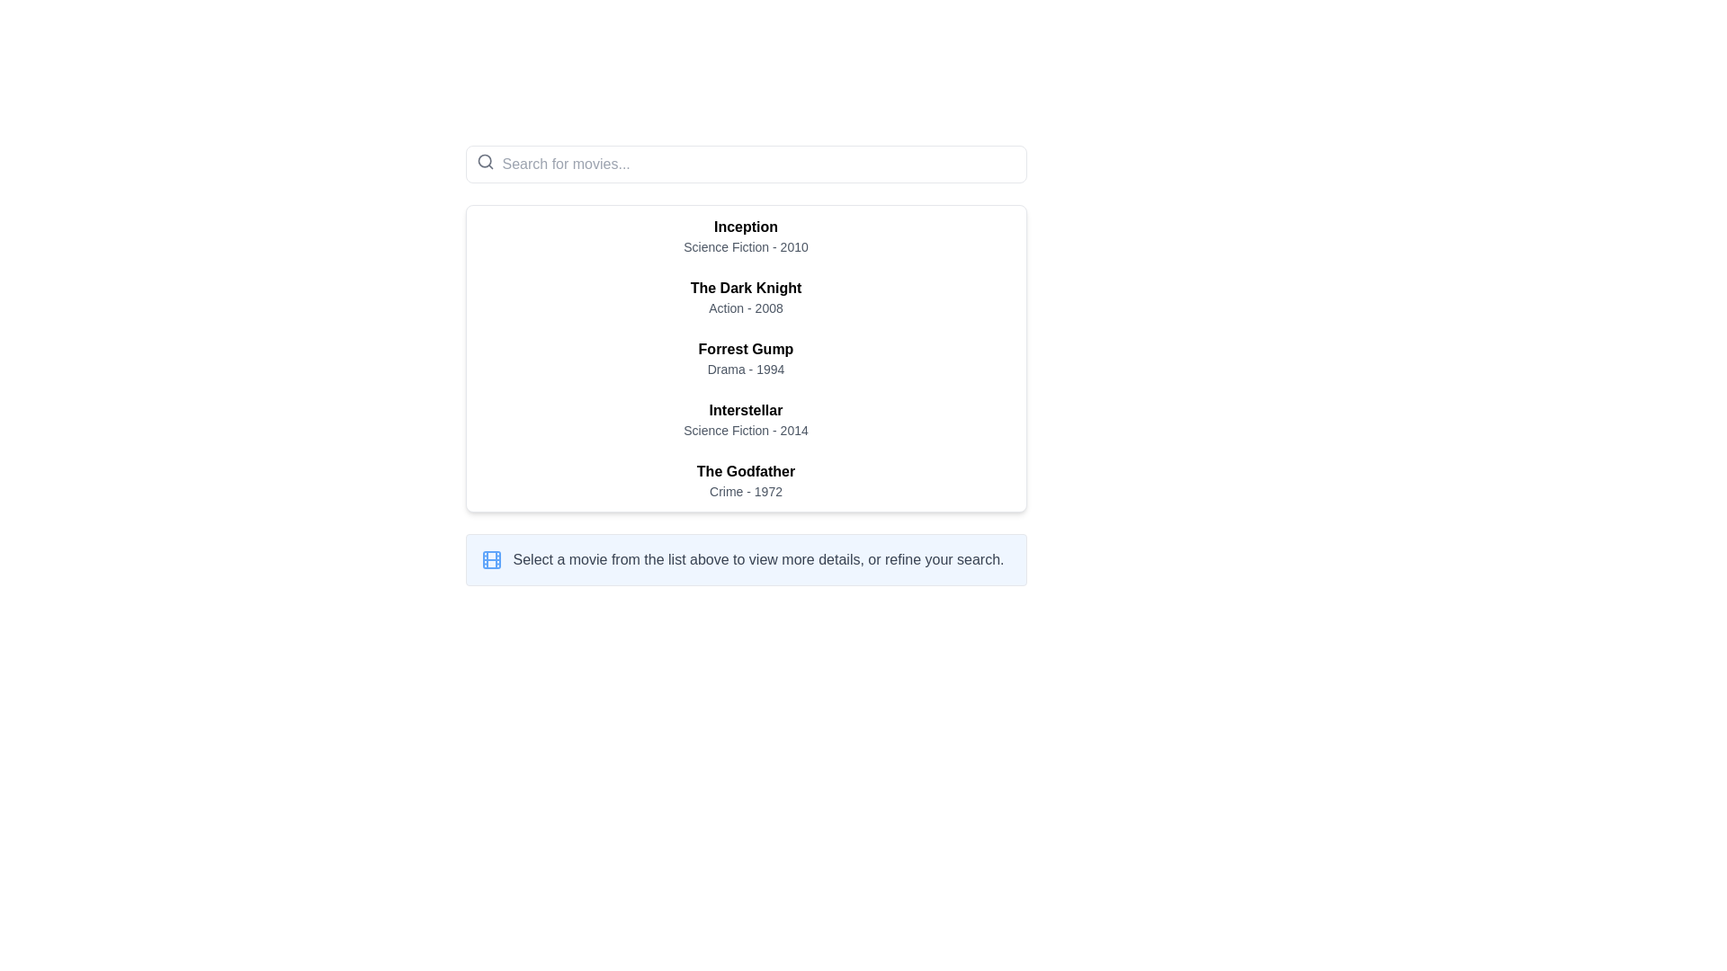 The image size is (1727, 971). What do you see at coordinates (746, 430) in the screenshot?
I see `the text label that describes the genre 'Science Fiction' and the release year '2014' of the movie 'Interstellar', which is located directly below the title within the movie entries list` at bounding box center [746, 430].